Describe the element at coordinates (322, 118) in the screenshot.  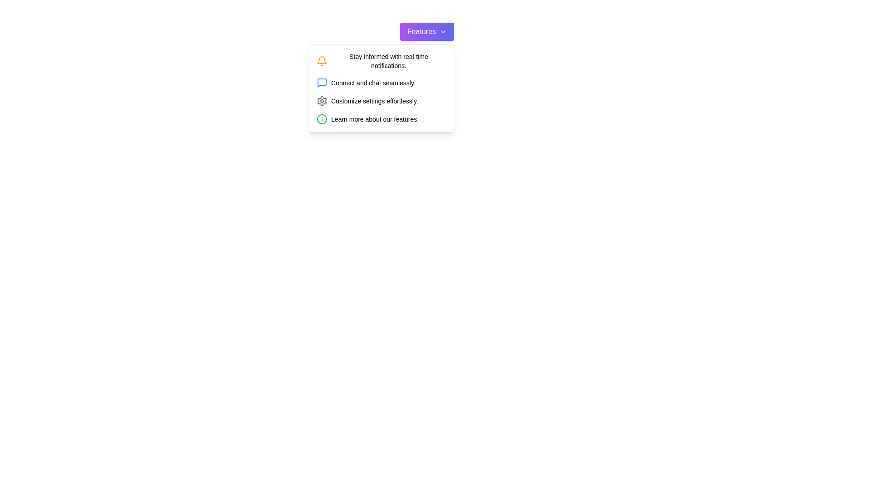
I see `the green-stroked SVG circle, which is the outer boundary of the first icon in the menu panel representing informational content, located left to the text 'Stay informed with real-time notifications.'` at that location.